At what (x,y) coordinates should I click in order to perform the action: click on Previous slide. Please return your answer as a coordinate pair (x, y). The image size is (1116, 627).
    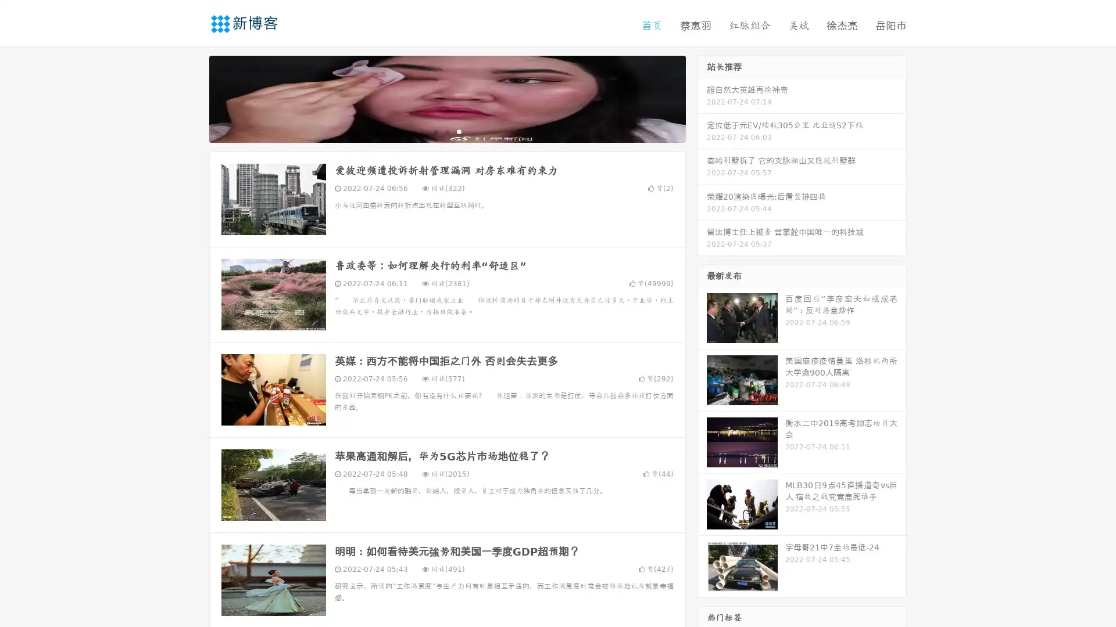
    Looking at the image, I should click on (192, 98).